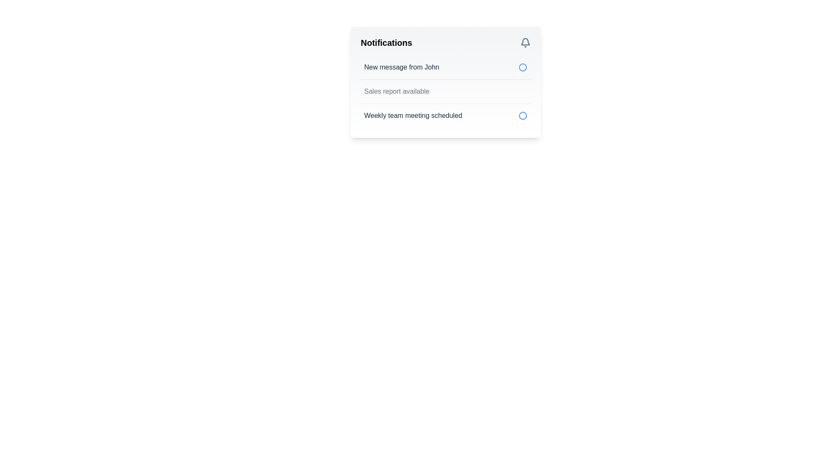 Image resolution: width=815 pixels, height=458 pixels. What do you see at coordinates (523, 67) in the screenshot?
I see `the circular icon located to the top-right of the notification titled 'New message from John' to mark the notification as read` at bounding box center [523, 67].